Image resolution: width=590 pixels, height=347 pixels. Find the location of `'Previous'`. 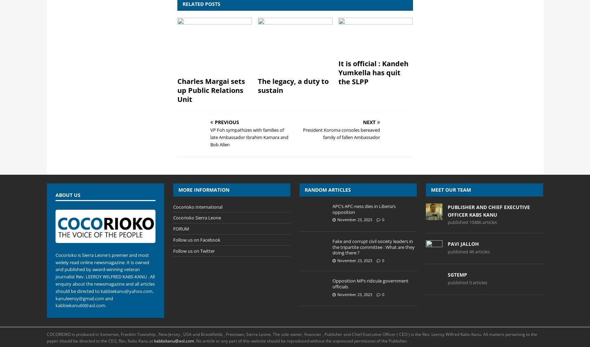

'Previous' is located at coordinates (227, 122).